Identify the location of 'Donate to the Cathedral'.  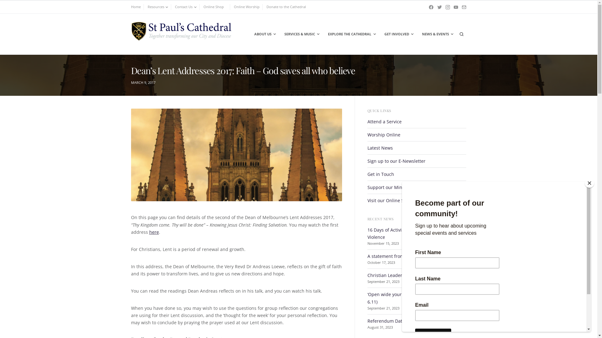
(286, 7).